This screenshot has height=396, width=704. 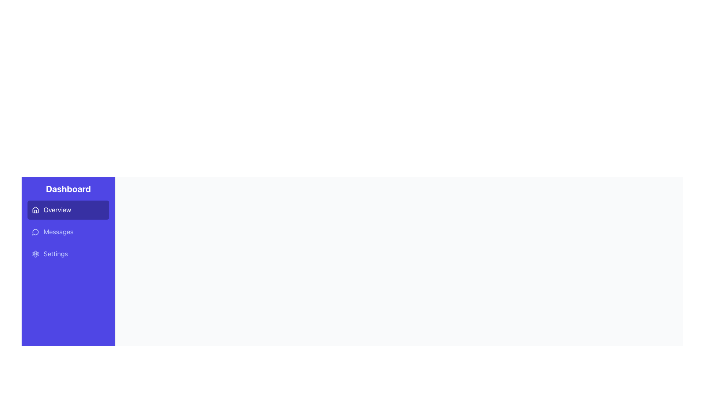 I want to click on the house-shaped icon located in the topmost menu option of the 'Overview' section in the vertical navigation bar, so click(x=35, y=209).